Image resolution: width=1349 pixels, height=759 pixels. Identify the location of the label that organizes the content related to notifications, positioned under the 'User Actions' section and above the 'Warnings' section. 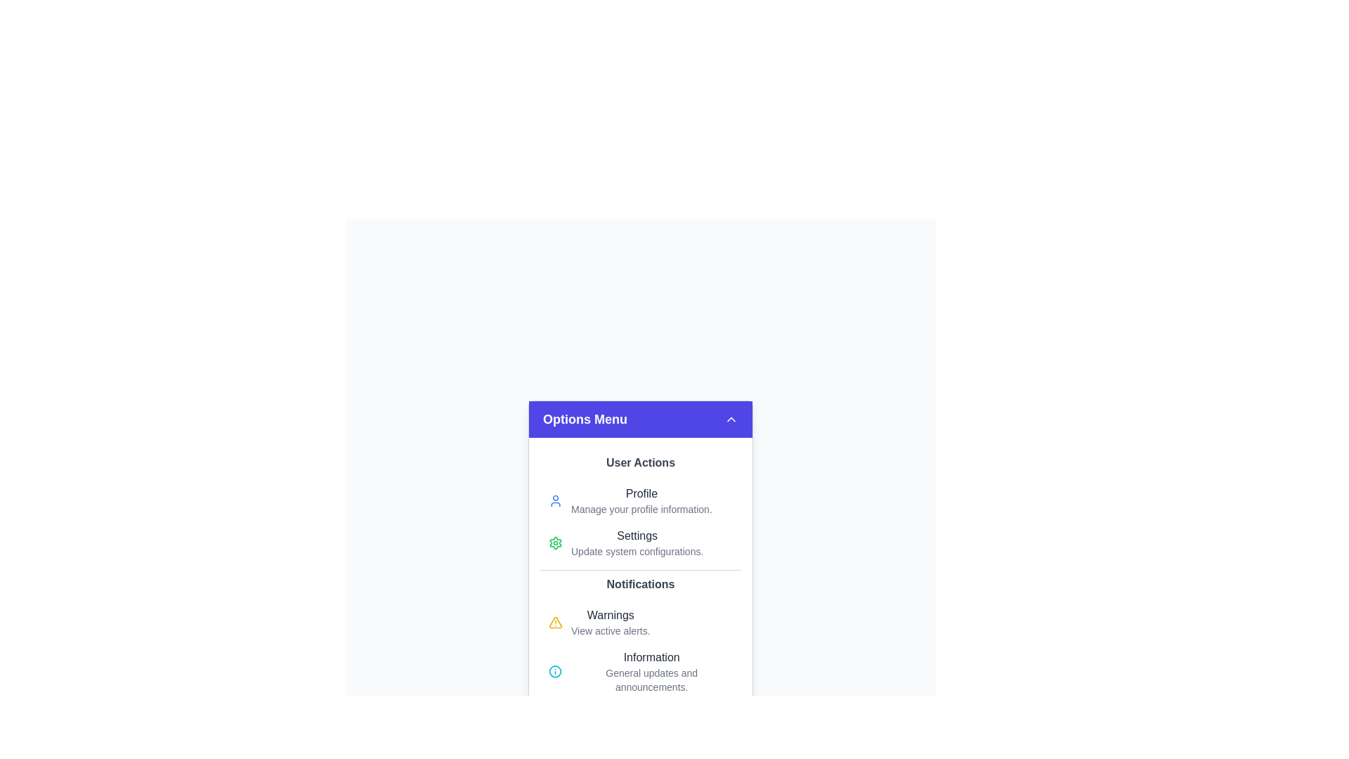
(640, 585).